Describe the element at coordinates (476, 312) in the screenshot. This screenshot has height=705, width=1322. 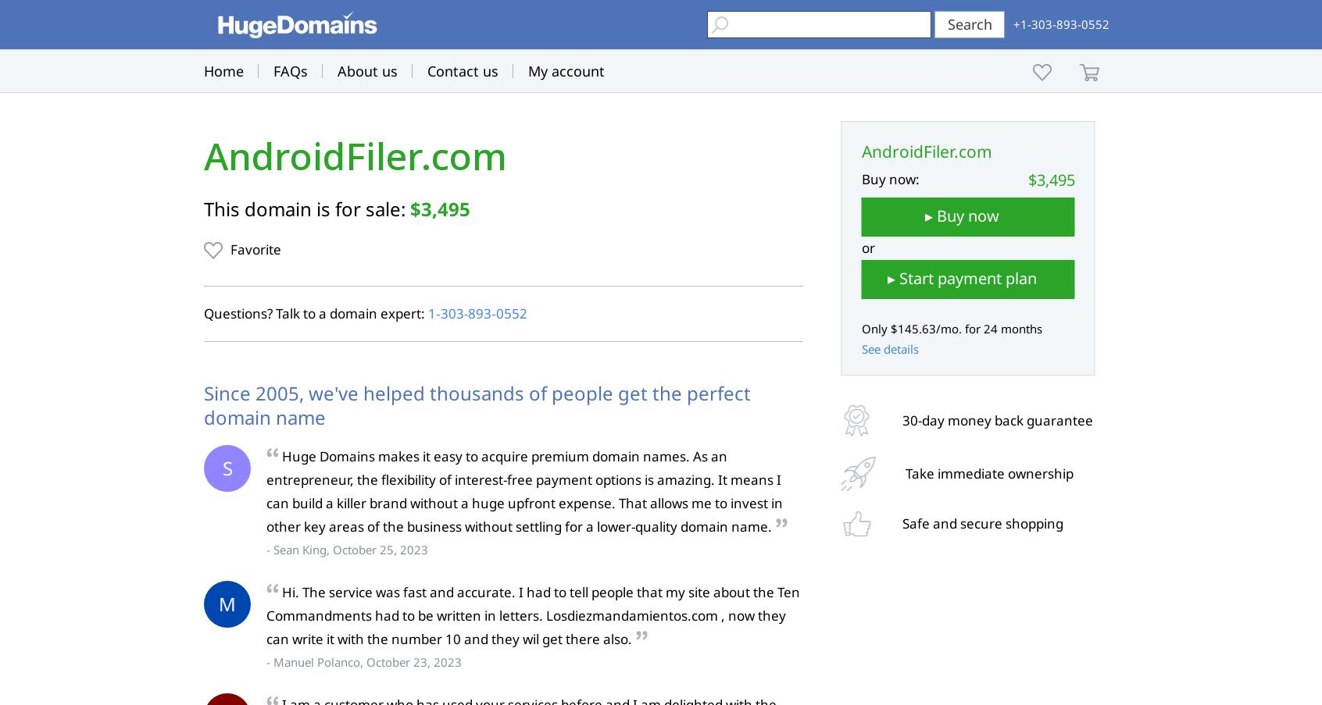
I see `'1‑303‑893‑0552'` at that location.